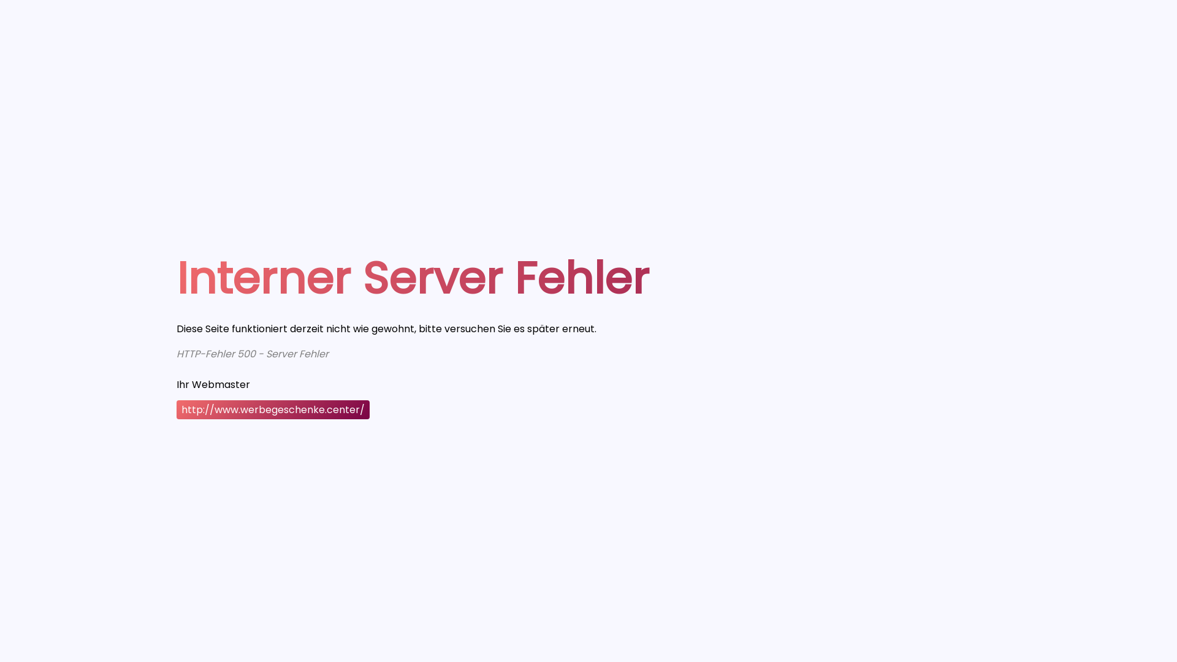 Image resolution: width=1177 pixels, height=662 pixels. Describe the element at coordinates (272, 409) in the screenshot. I see `'http://www.werbegeschenke.center/'` at that location.